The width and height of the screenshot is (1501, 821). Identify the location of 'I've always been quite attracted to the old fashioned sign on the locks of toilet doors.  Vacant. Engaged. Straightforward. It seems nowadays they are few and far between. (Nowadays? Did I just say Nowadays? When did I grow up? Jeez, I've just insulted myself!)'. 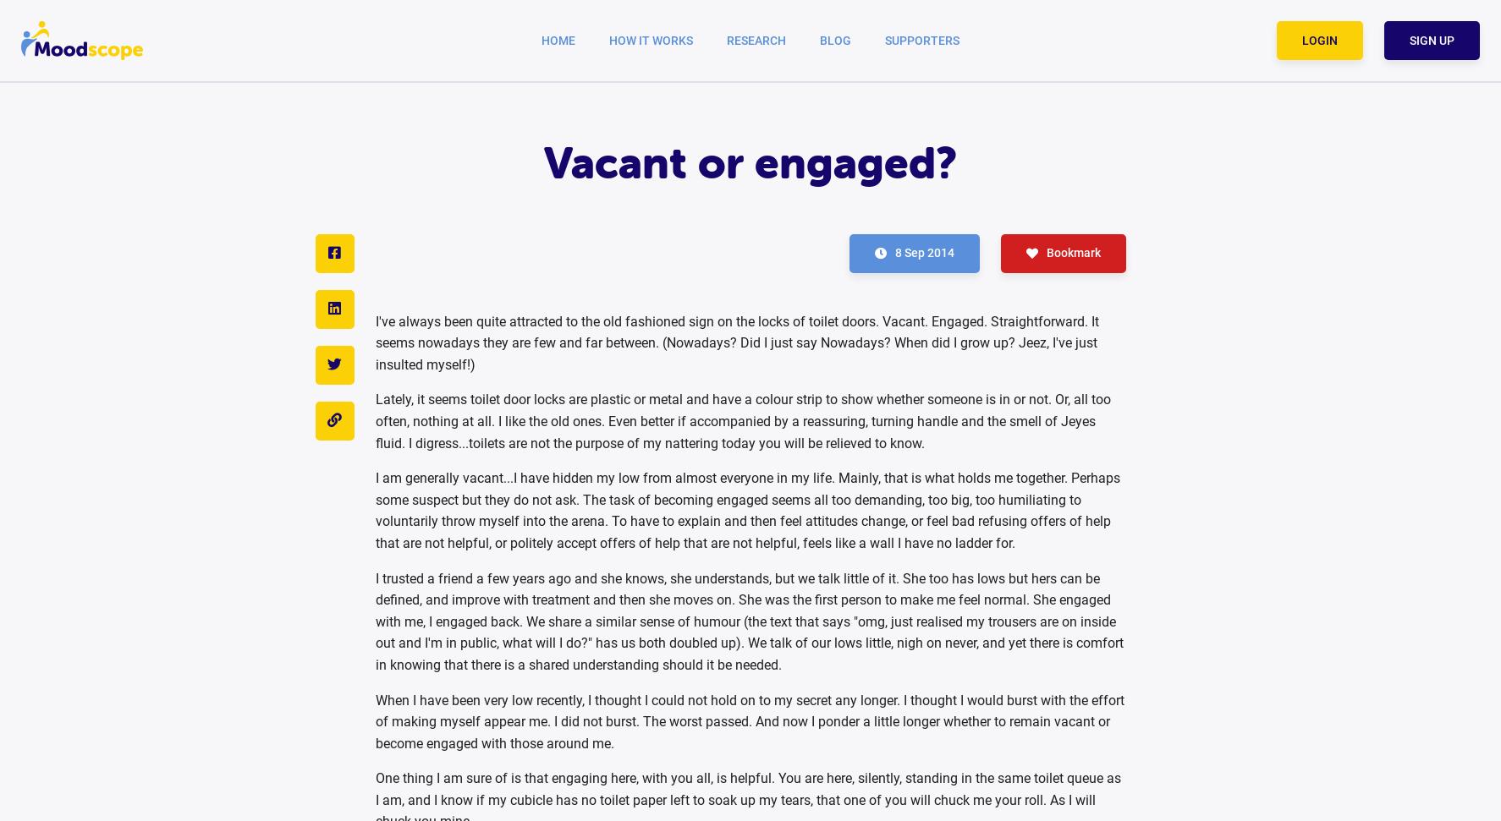
(736, 342).